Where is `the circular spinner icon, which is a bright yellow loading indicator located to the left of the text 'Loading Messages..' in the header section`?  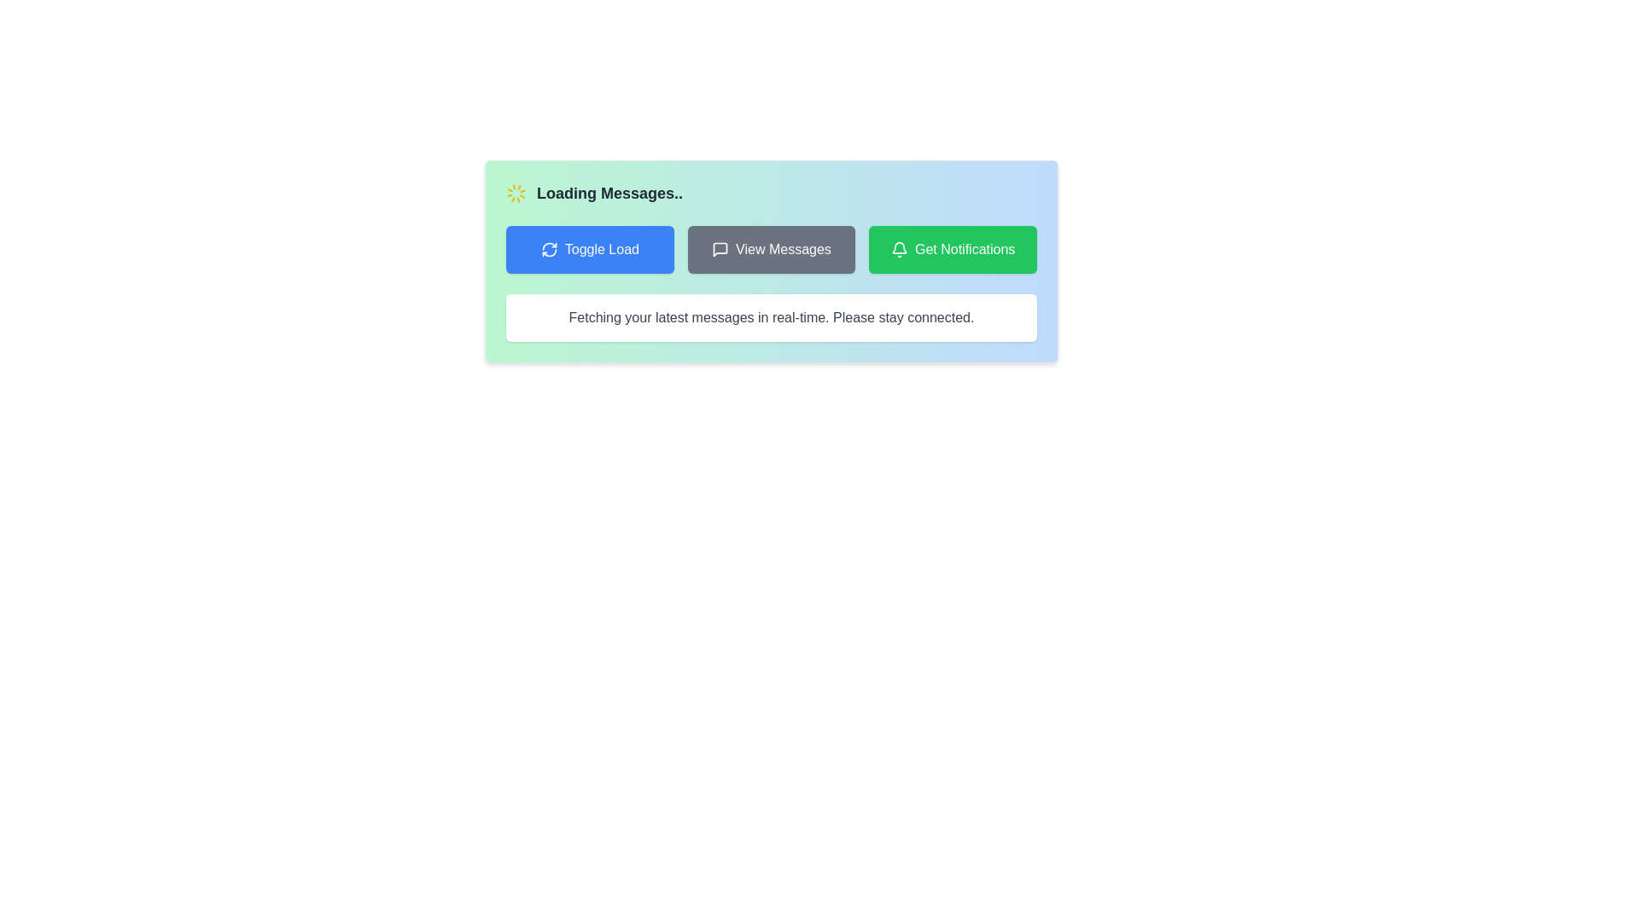
the circular spinner icon, which is a bright yellow loading indicator located to the left of the text 'Loading Messages..' in the header section is located at coordinates (515, 193).